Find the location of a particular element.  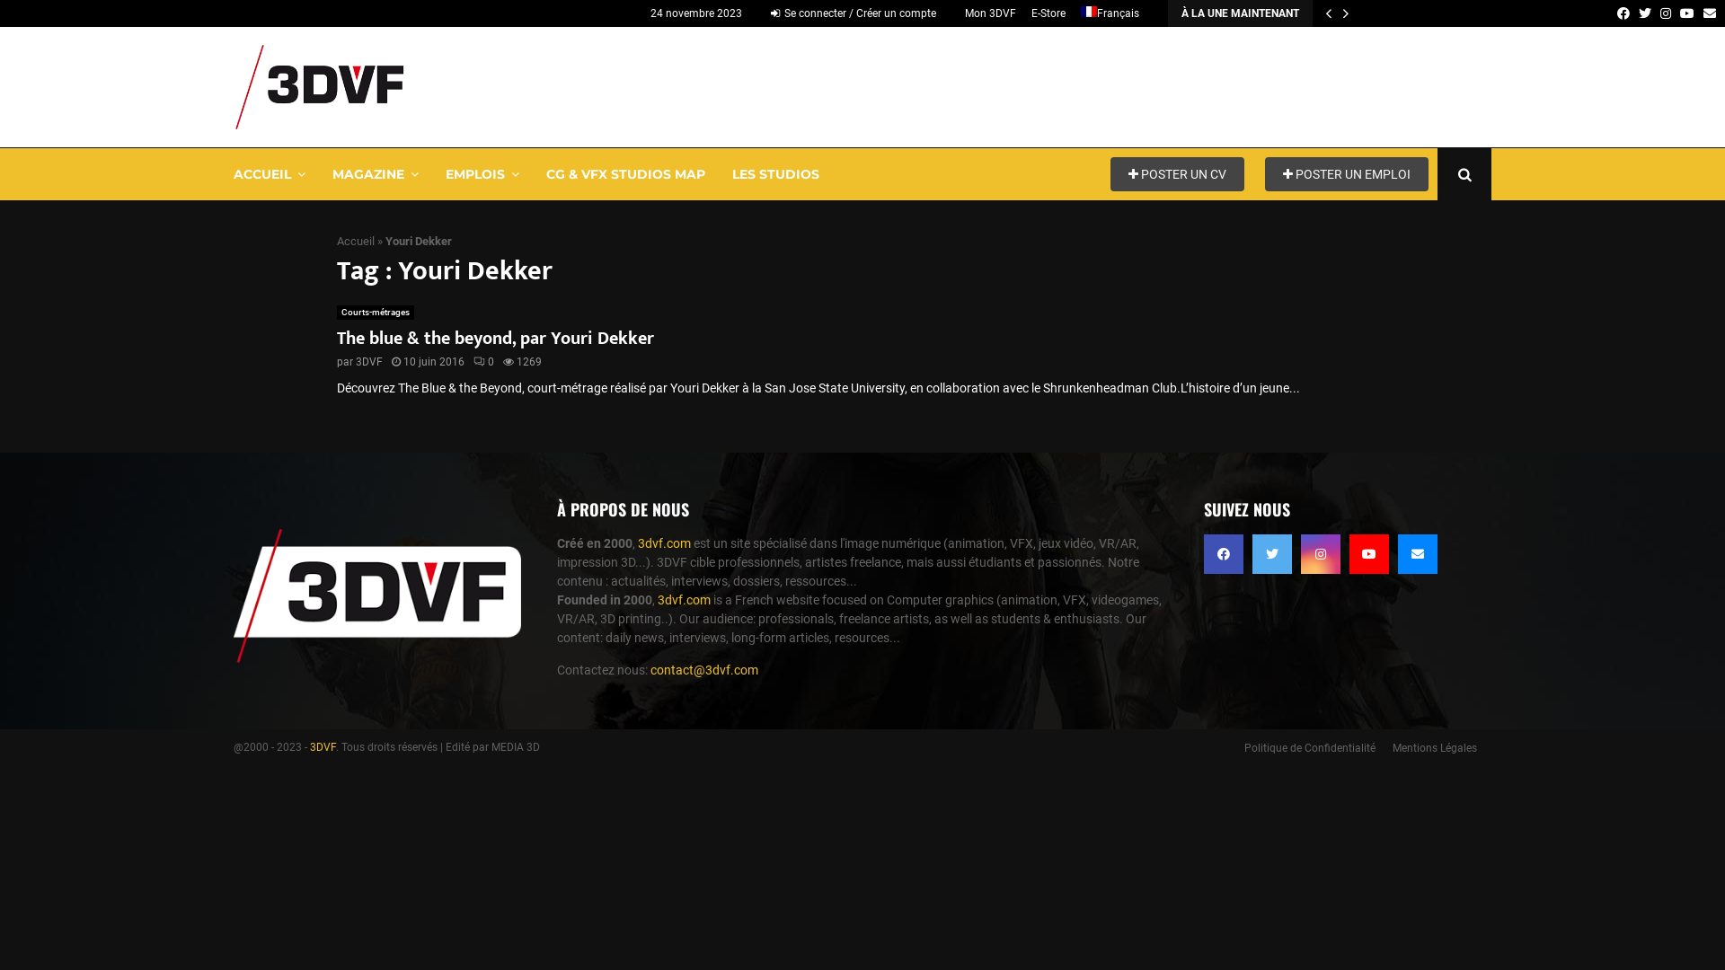

'The blue & the beyond, par Youri Dekker' is located at coordinates (495, 339).